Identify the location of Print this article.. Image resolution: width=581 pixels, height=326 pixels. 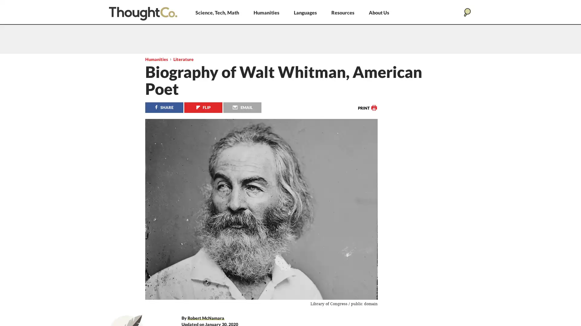
(367, 107).